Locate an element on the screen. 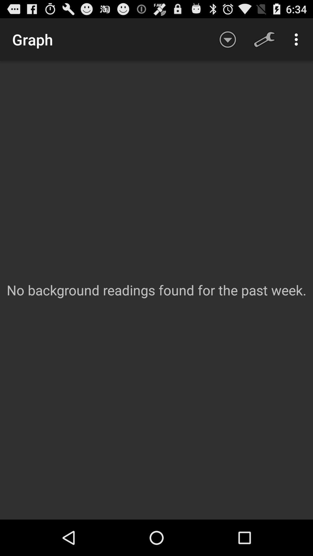 This screenshot has width=313, height=556. the icon above no background readings is located at coordinates (264, 39).